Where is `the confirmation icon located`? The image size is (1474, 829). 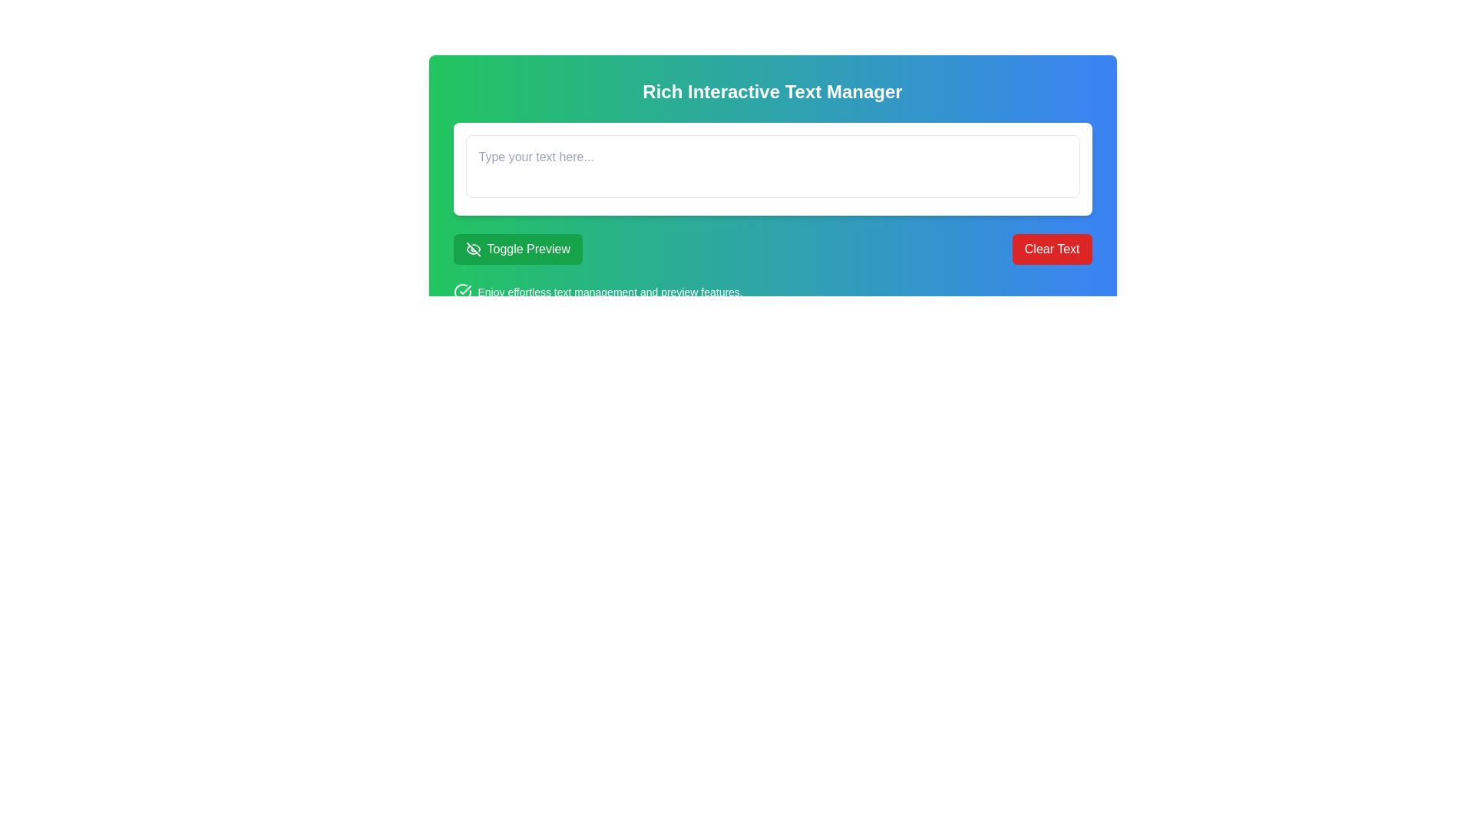
the confirmation icon located is located at coordinates (461, 292).